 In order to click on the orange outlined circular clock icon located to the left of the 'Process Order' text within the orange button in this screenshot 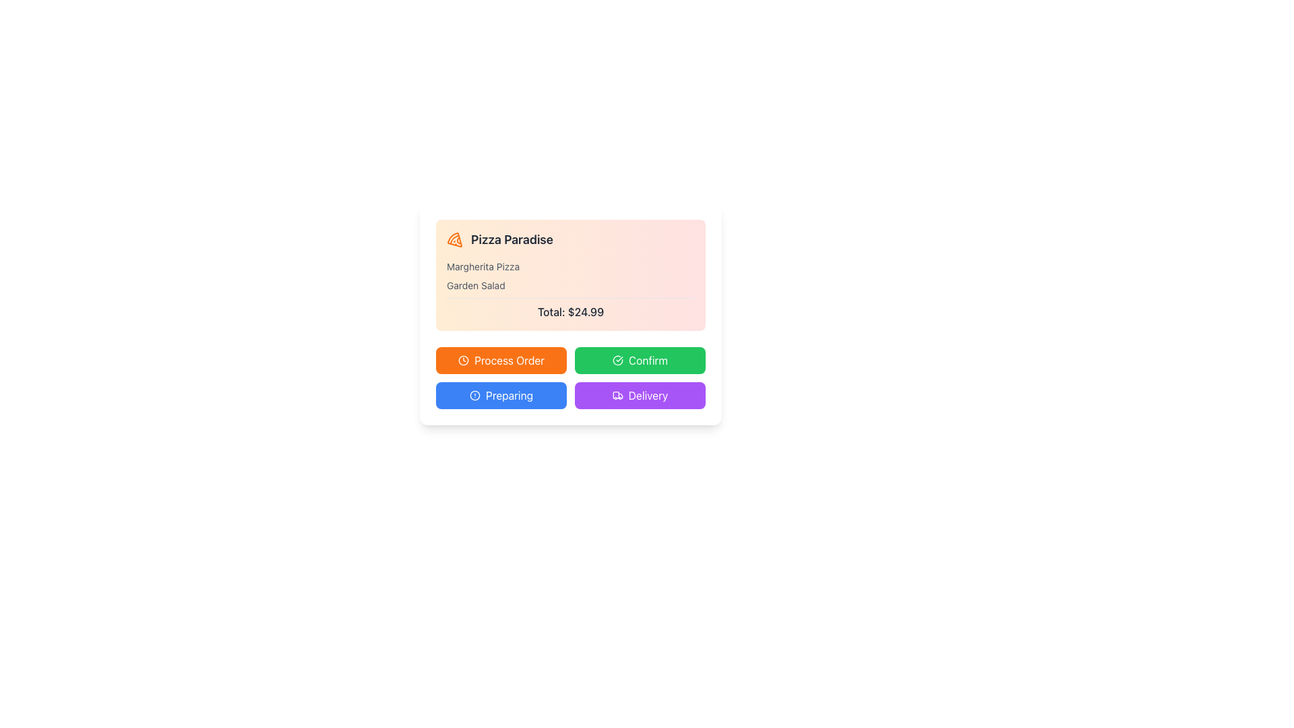, I will do `click(464, 360)`.